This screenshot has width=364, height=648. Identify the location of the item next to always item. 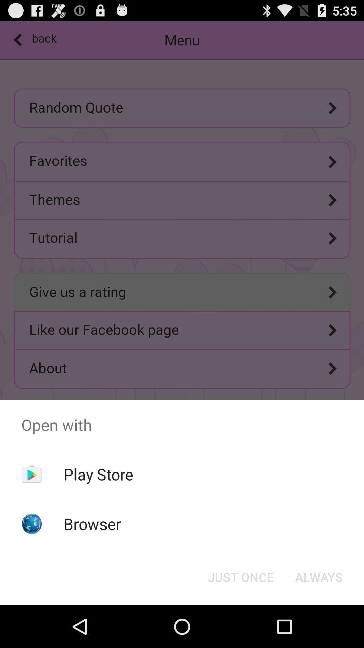
(240, 576).